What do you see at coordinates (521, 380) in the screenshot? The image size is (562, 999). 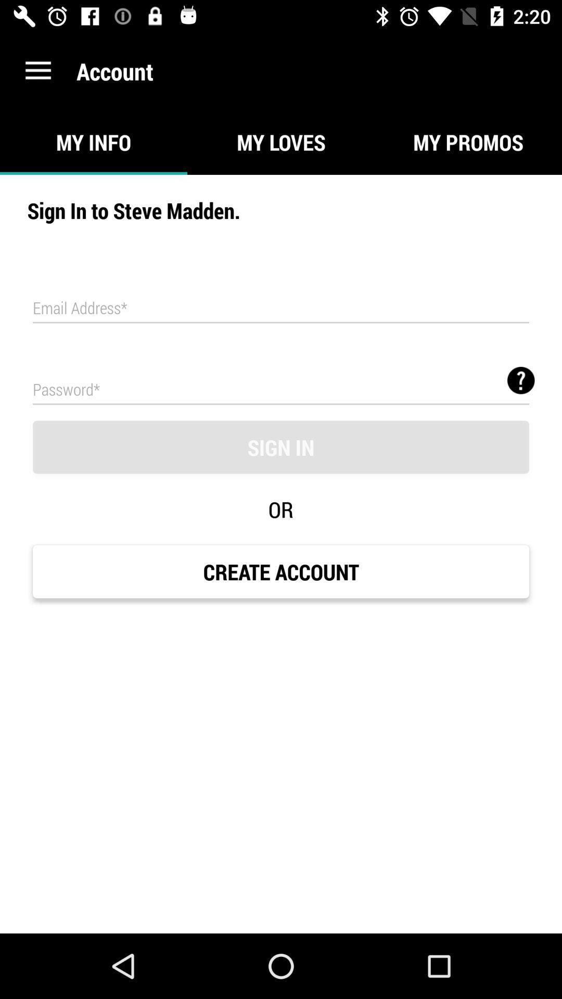 I see `more information` at bounding box center [521, 380].